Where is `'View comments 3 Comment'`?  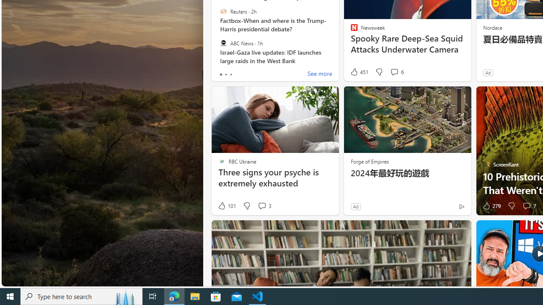
'View comments 3 Comment' is located at coordinates (264, 206).